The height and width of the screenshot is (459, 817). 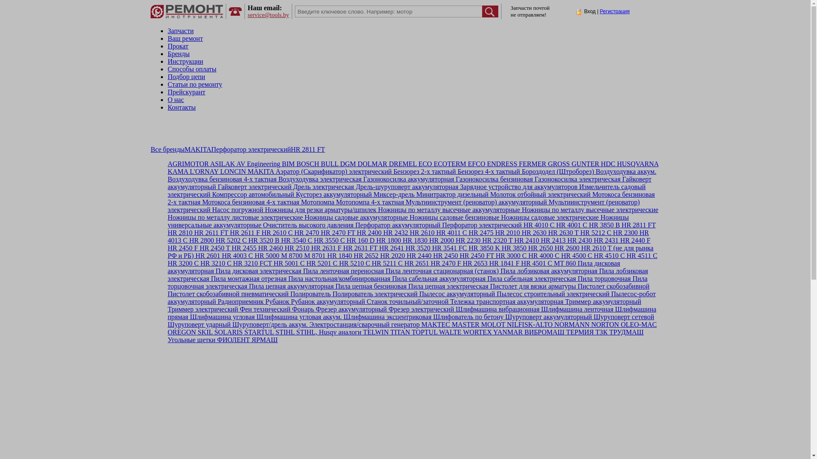 What do you see at coordinates (571, 224) in the screenshot?
I see `'HR 4001 C'` at bounding box center [571, 224].